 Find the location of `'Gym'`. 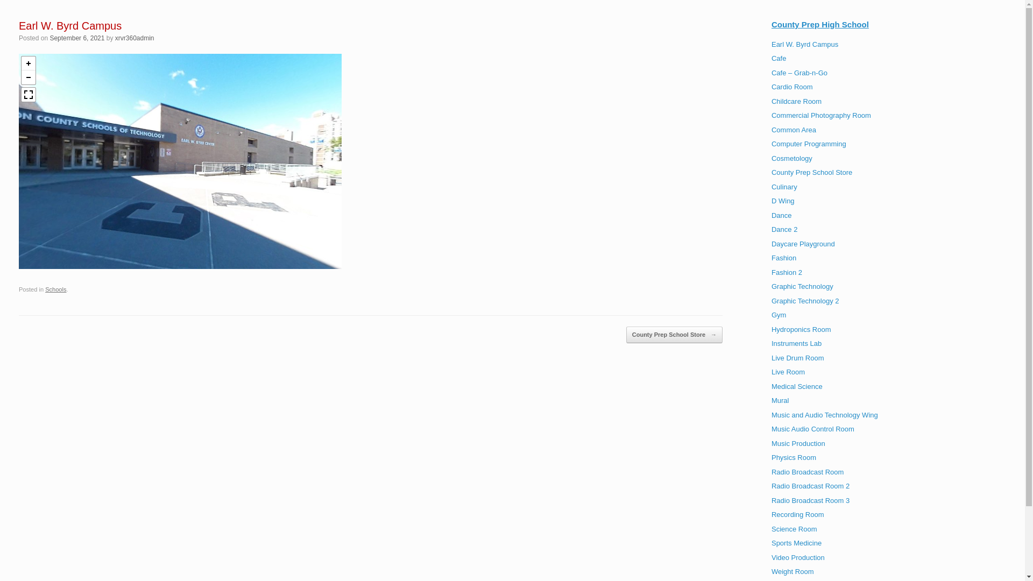

'Gym' is located at coordinates (771, 315).